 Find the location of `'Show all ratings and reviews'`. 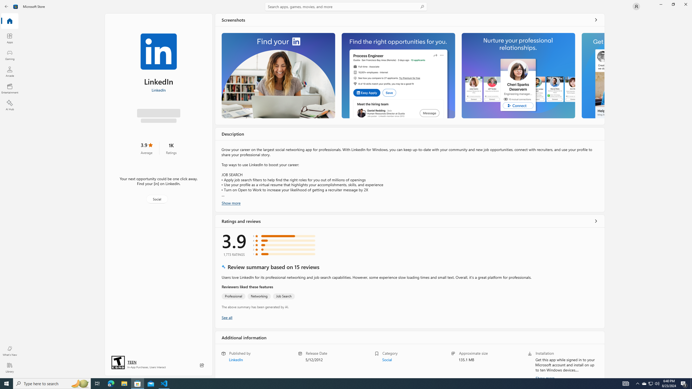

'Show all ratings and reviews' is located at coordinates (596, 220).